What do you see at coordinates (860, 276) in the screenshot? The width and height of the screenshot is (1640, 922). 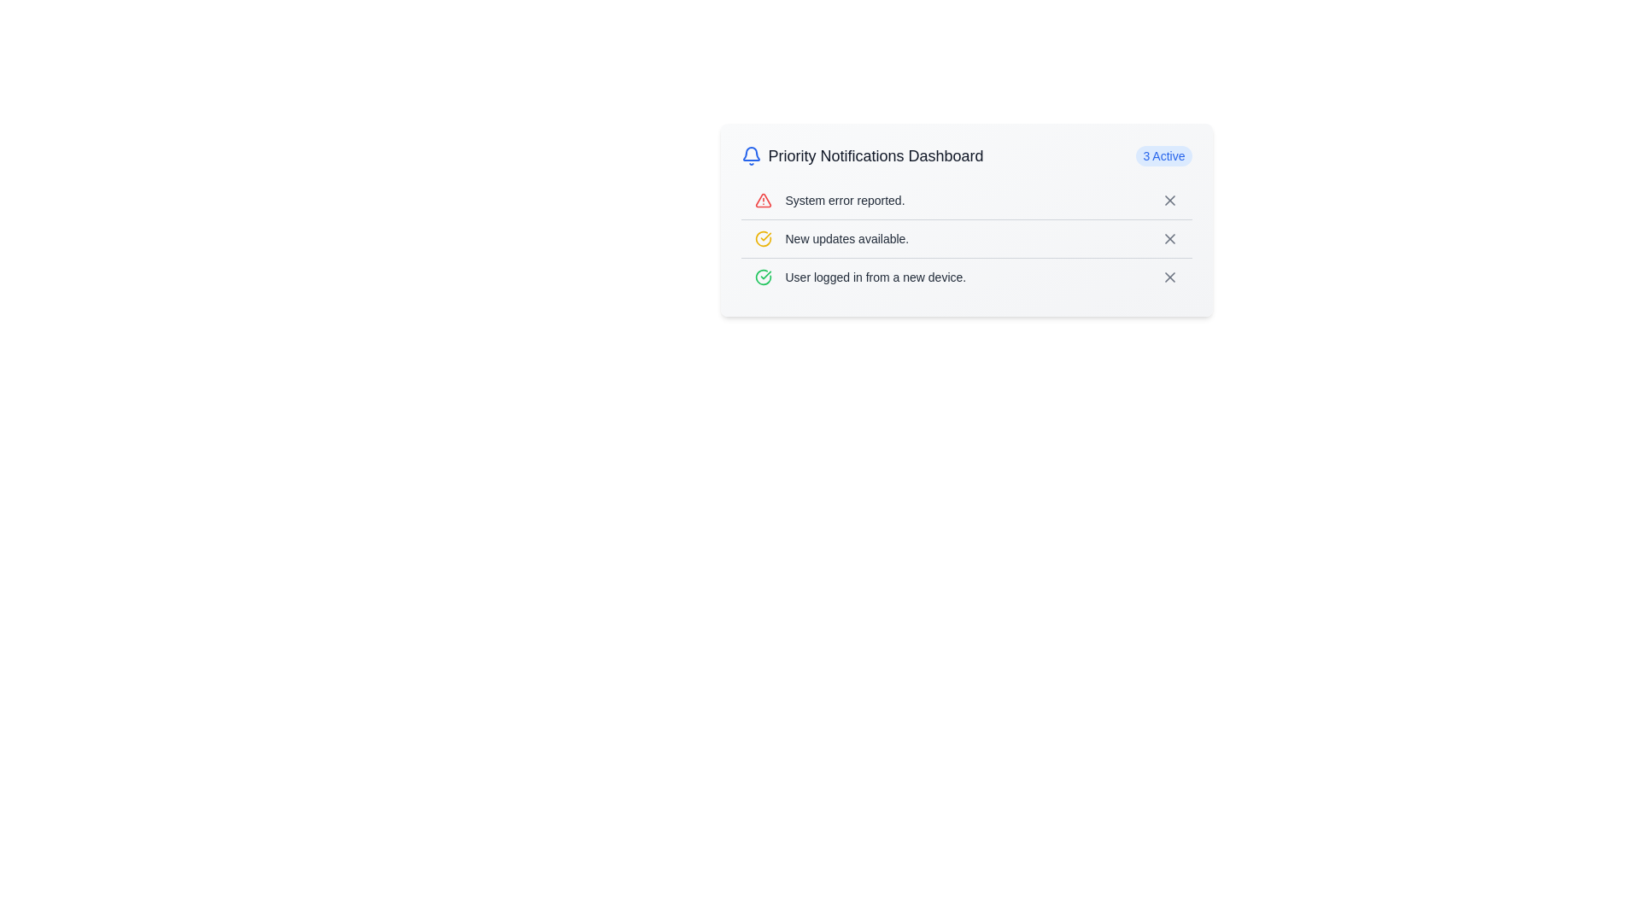 I see `notification message displayed in the third item of the 'Priority Notifications Dashboard' list, which indicates a user logging in from a new device` at bounding box center [860, 276].